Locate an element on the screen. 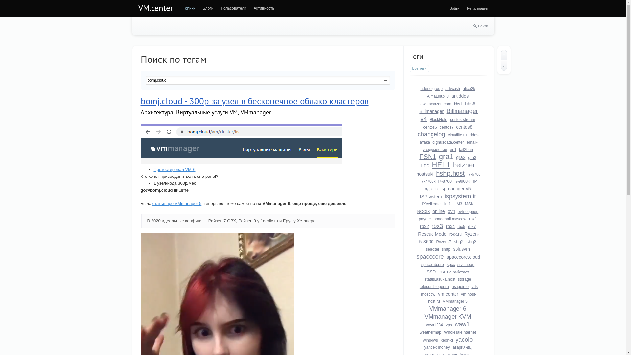 The height and width of the screenshot is (355, 631). 'bhs1' is located at coordinates (457, 104).